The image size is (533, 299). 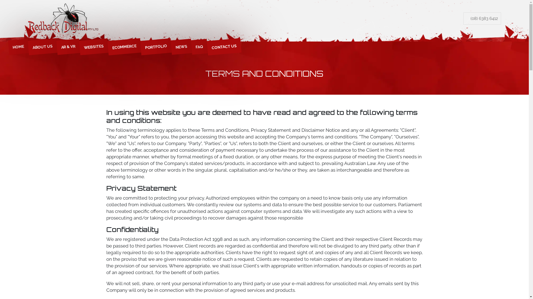 What do you see at coordinates (67, 45) in the screenshot?
I see `'AR & VR'` at bounding box center [67, 45].